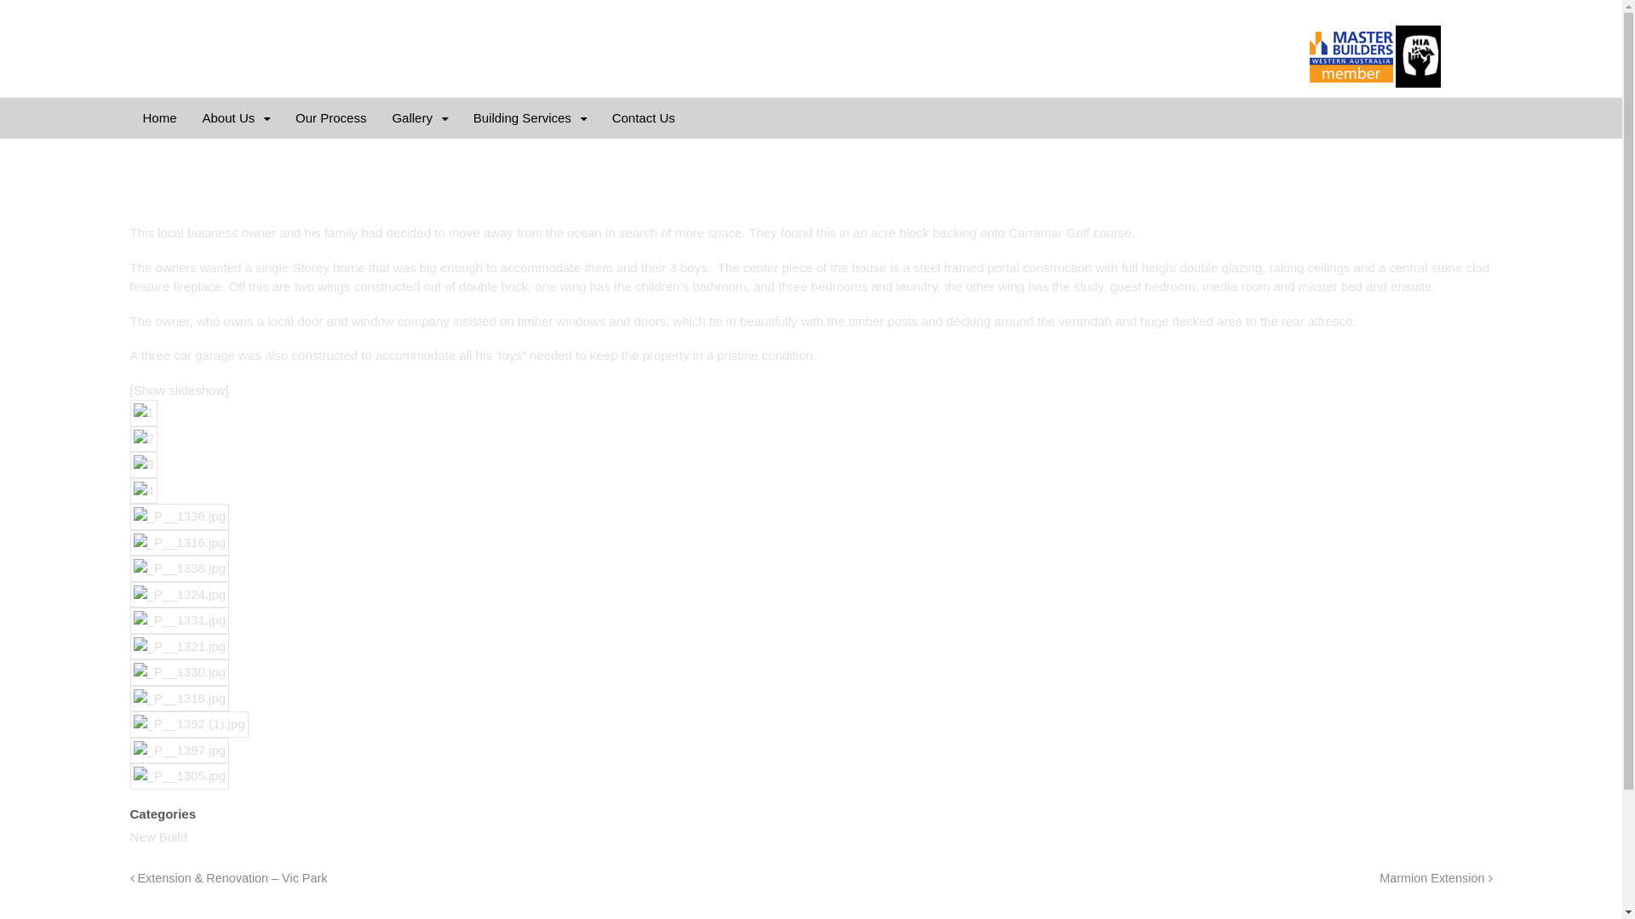 This screenshot has height=919, width=1635. I want to click on '_P__1338.jpg', so click(179, 568).